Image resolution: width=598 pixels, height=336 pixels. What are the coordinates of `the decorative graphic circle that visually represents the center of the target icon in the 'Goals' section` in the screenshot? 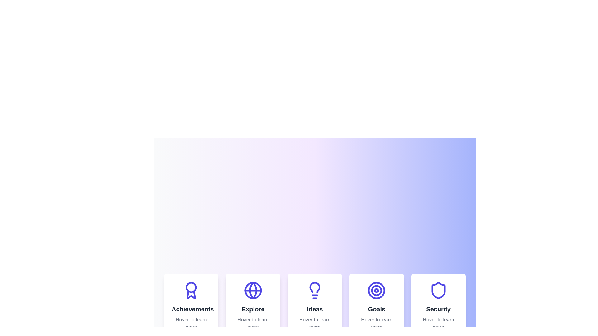 It's located at (376, 290).